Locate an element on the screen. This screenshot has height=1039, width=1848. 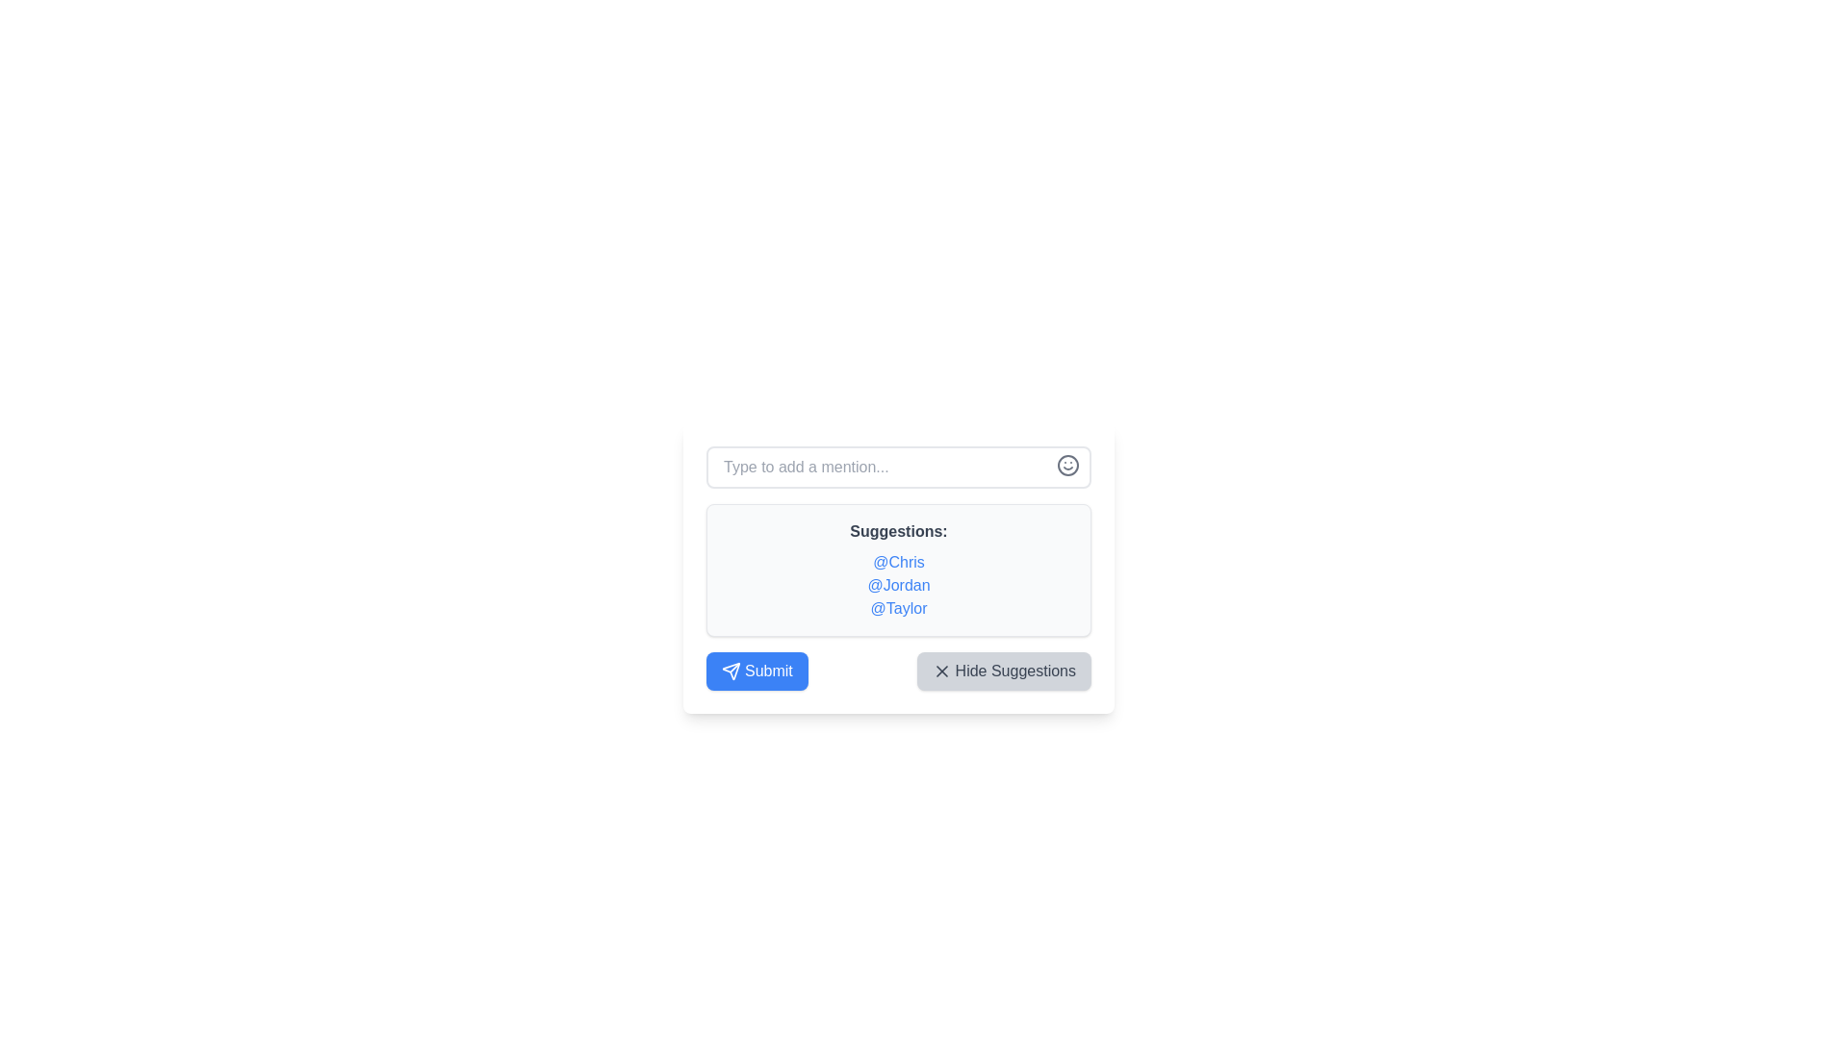
the small 'X' icon bordered by a grey background located within the 'Hide Suggestions' button is located at coordinates (941, 671).